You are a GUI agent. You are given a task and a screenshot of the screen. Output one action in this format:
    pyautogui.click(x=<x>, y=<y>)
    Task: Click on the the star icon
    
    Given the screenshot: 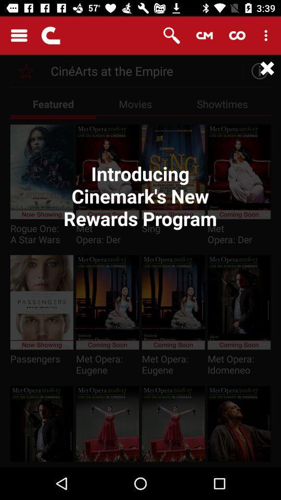 What is the action you would take?
    pyautogui.click(x=26, y=70)
    